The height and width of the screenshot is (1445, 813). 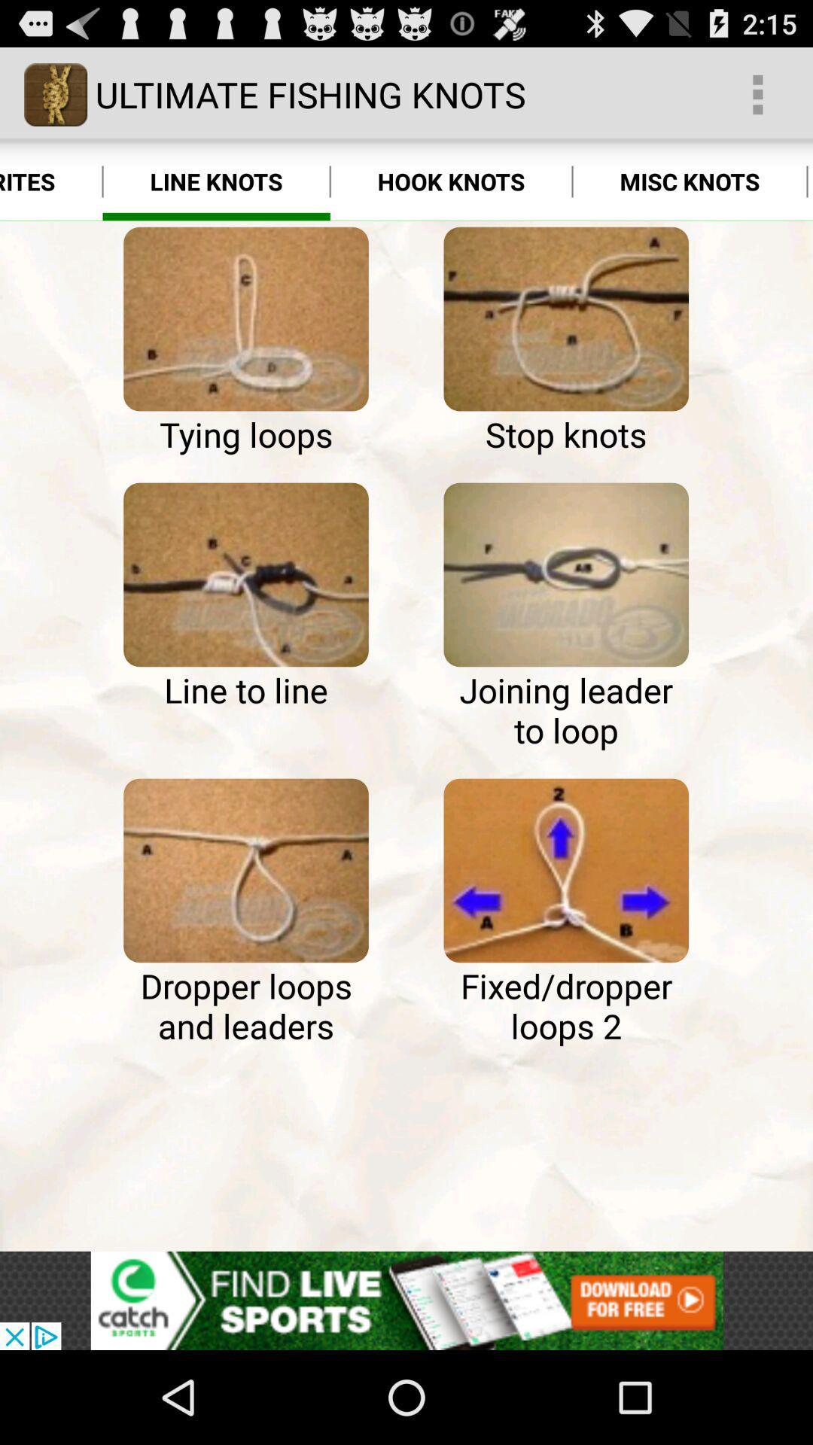 I want to click on advertisement, so click(x=406, y=1300).